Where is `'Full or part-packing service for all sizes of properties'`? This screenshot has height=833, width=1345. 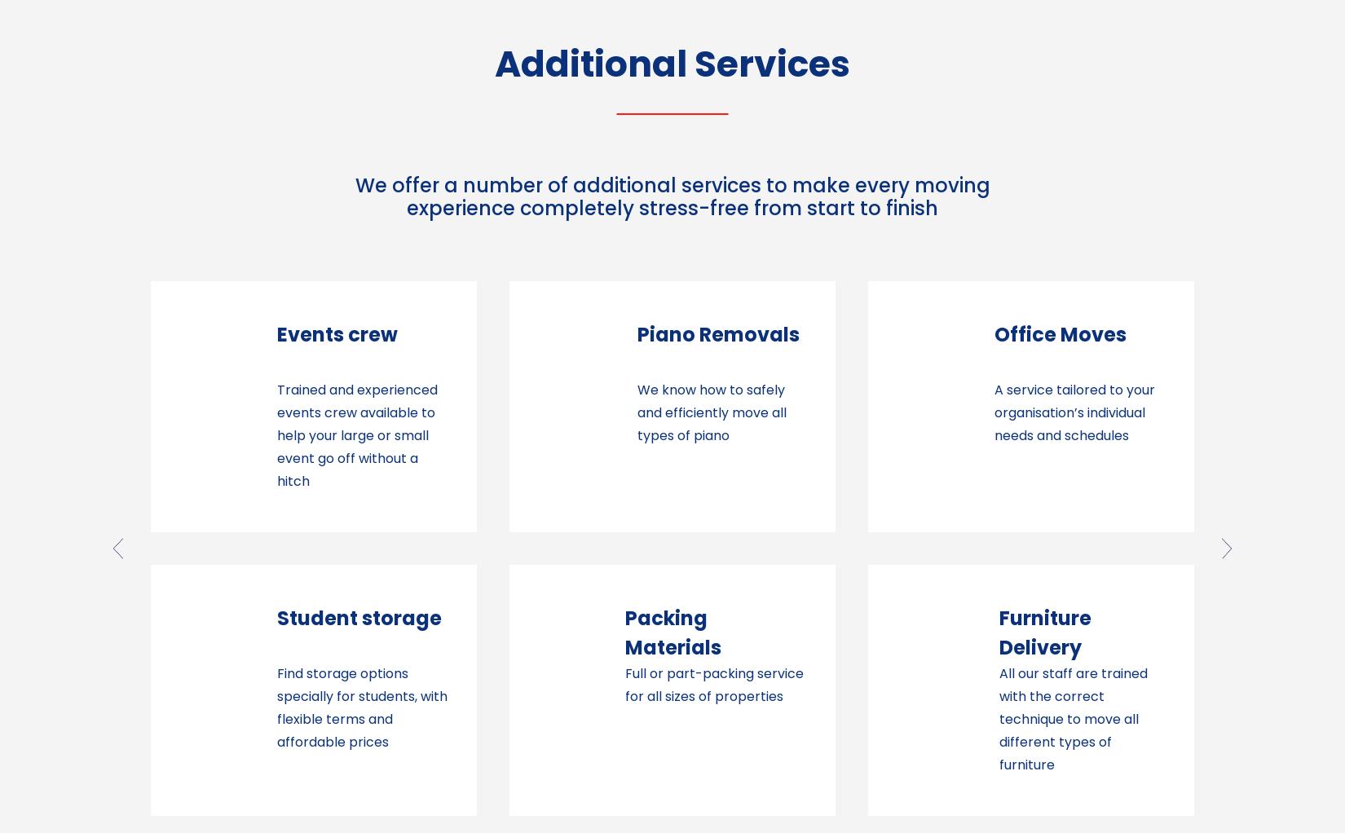 'Full or part-packing service for all sizes of properties' is located at coordinates (267, 683).